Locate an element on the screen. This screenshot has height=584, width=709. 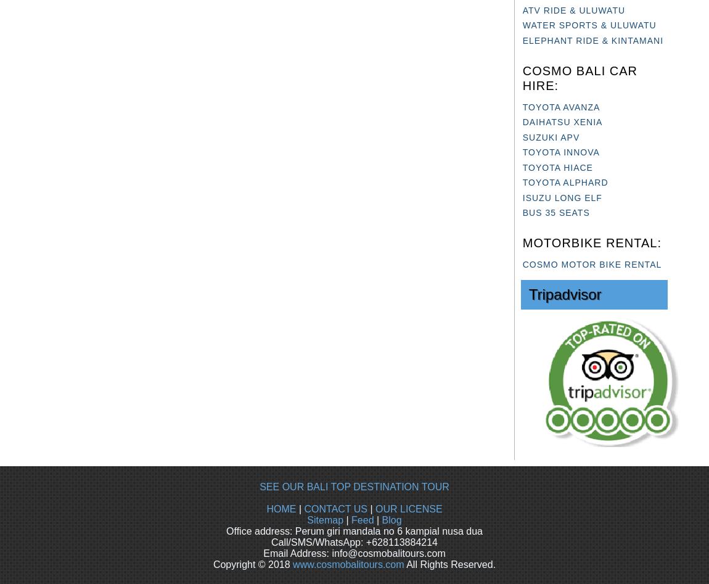
'TOYOTA ALPHARD' is located at coordinates (565, 182).